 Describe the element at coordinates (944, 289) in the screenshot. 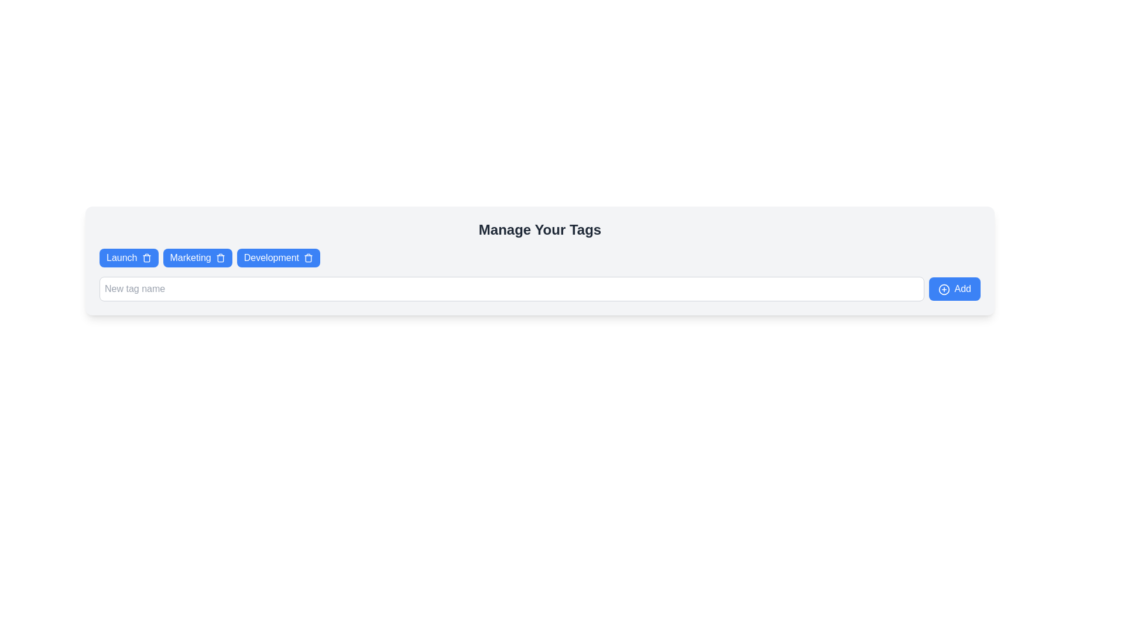

I see `the circular blue outlined icon resembling an addition symbol located near the right edge of the 'Add' button area` at that location.